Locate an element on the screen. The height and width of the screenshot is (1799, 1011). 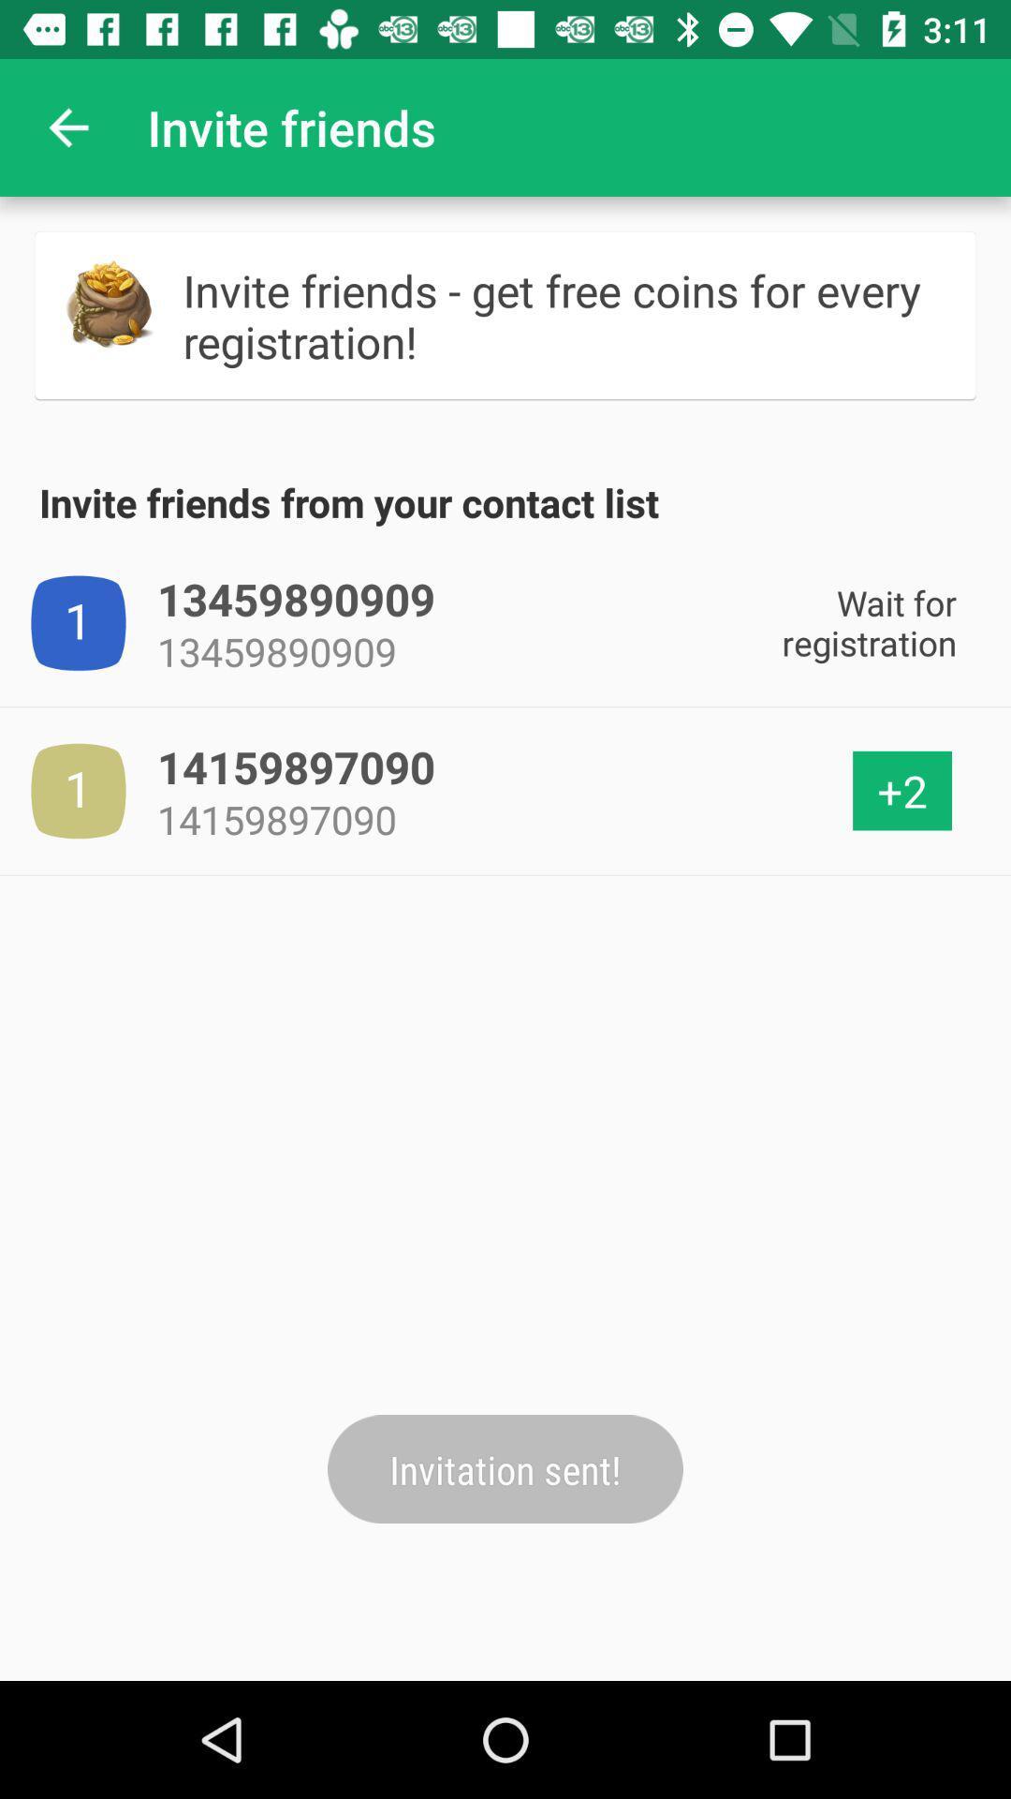
app next to invite friends is located at coordinates (67, 126).